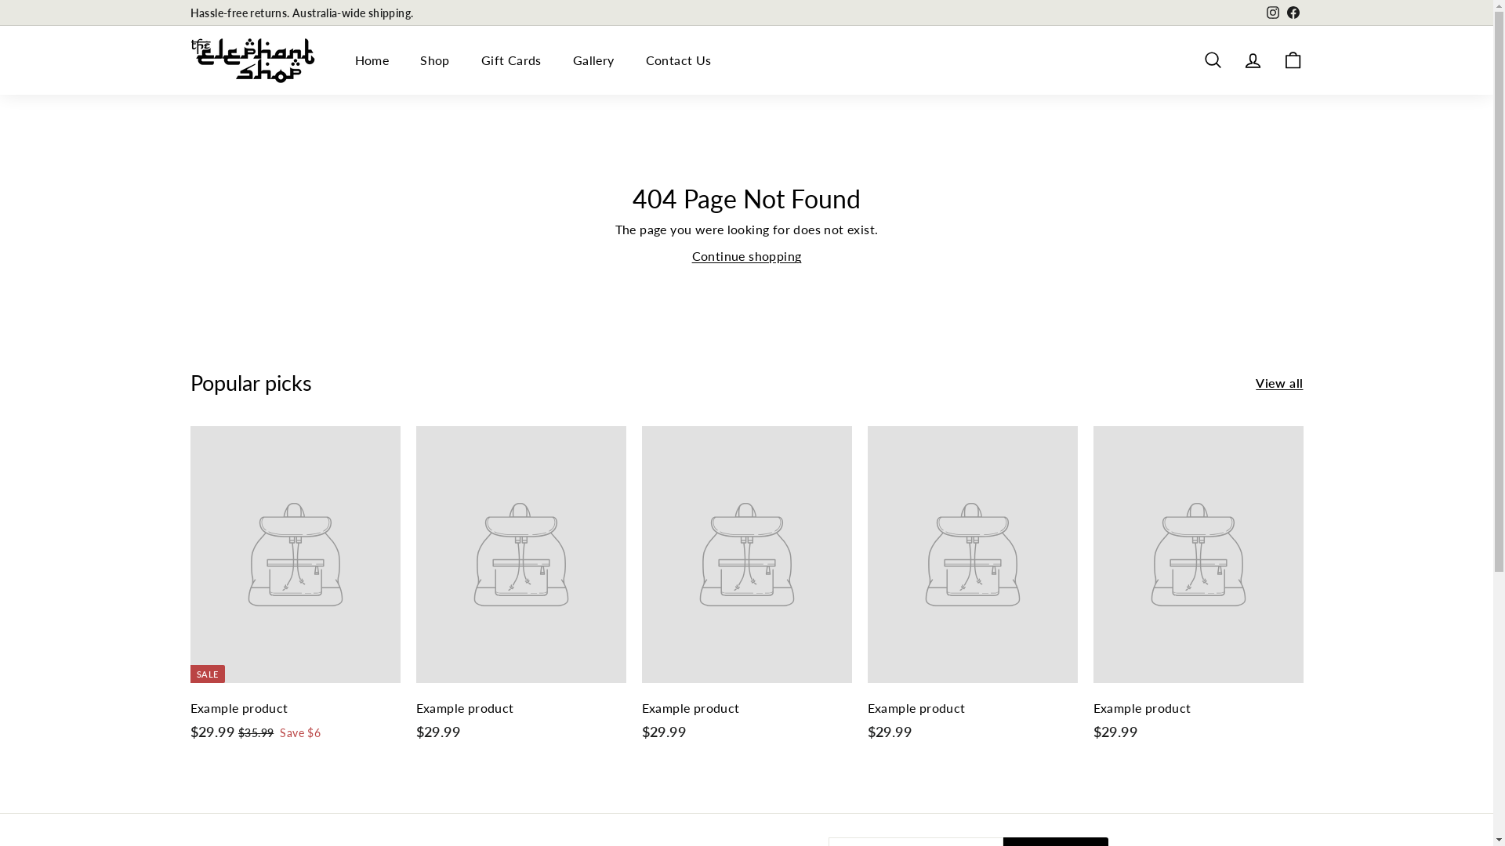  Describe the element at coordinates (678, 60) in the screenshot. I see `'Contact Us'` at that location.